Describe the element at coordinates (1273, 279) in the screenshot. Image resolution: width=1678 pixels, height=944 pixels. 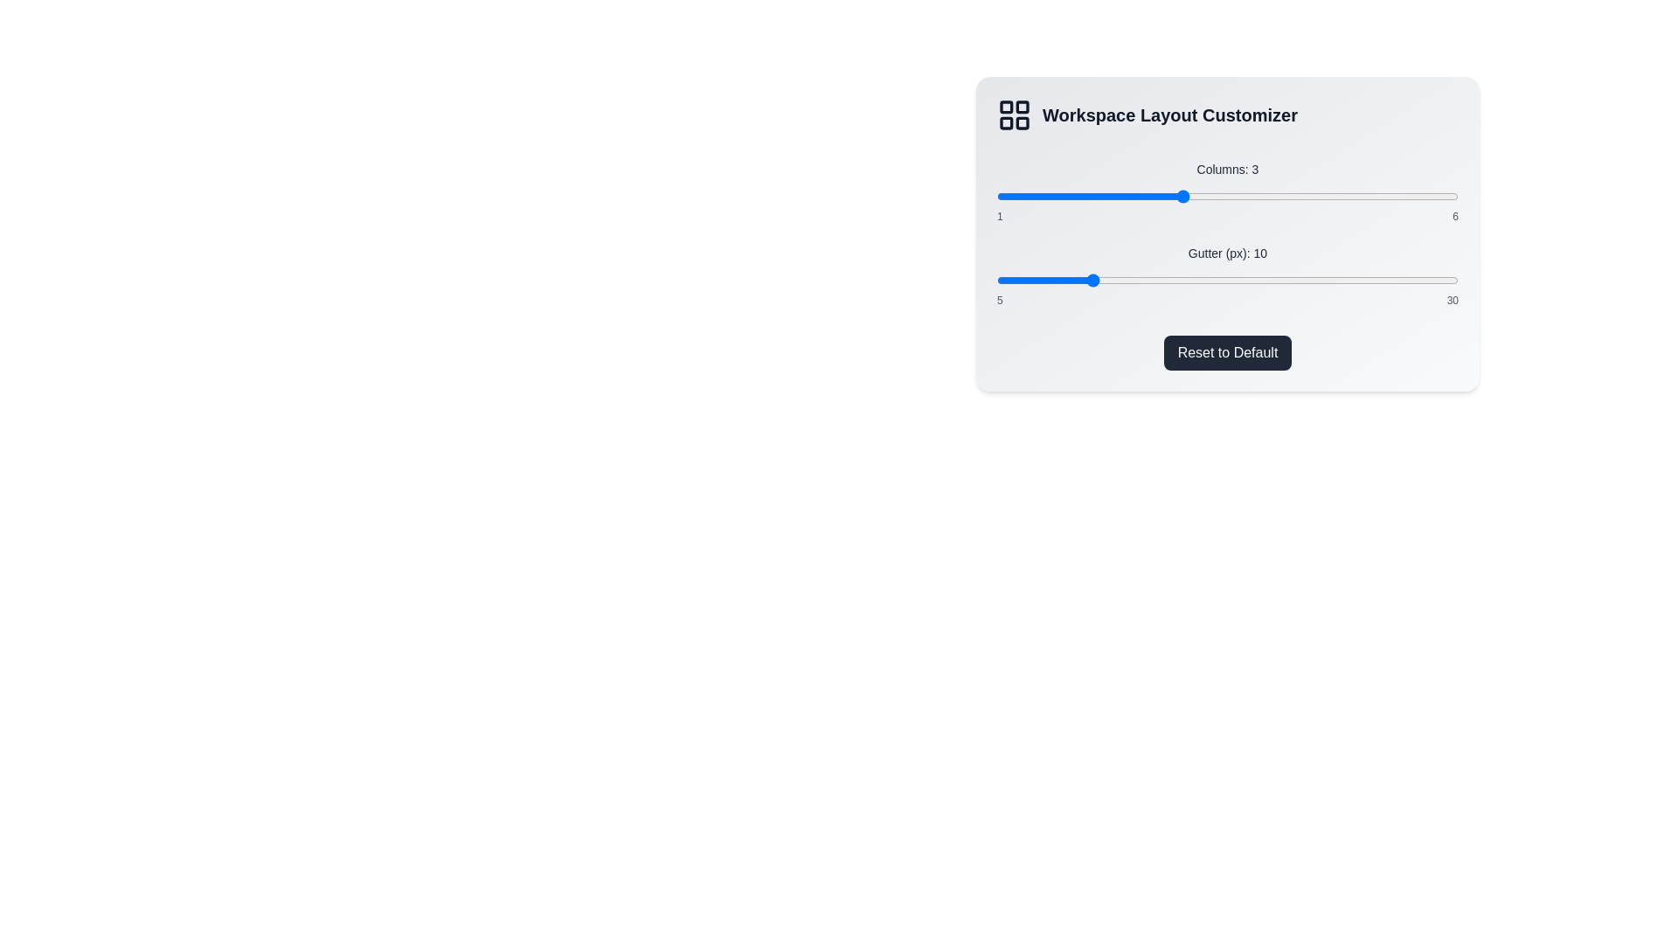
I see `the 'Gutter (px)' slider to set the gutter size to 20 px` at that location.